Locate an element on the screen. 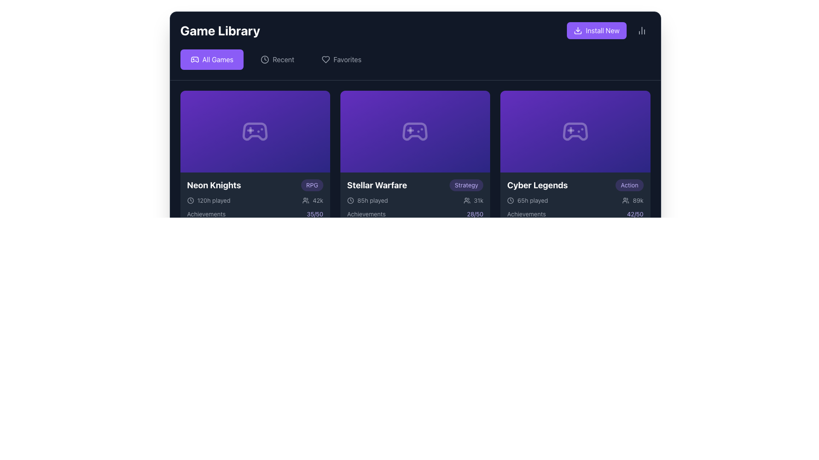 This screenshot has height=460, width=819. the 'Time Played' icon in the 'Stellar Warfare' game card, located to the left of the text '85h played' is located at coordinates (350, 200).